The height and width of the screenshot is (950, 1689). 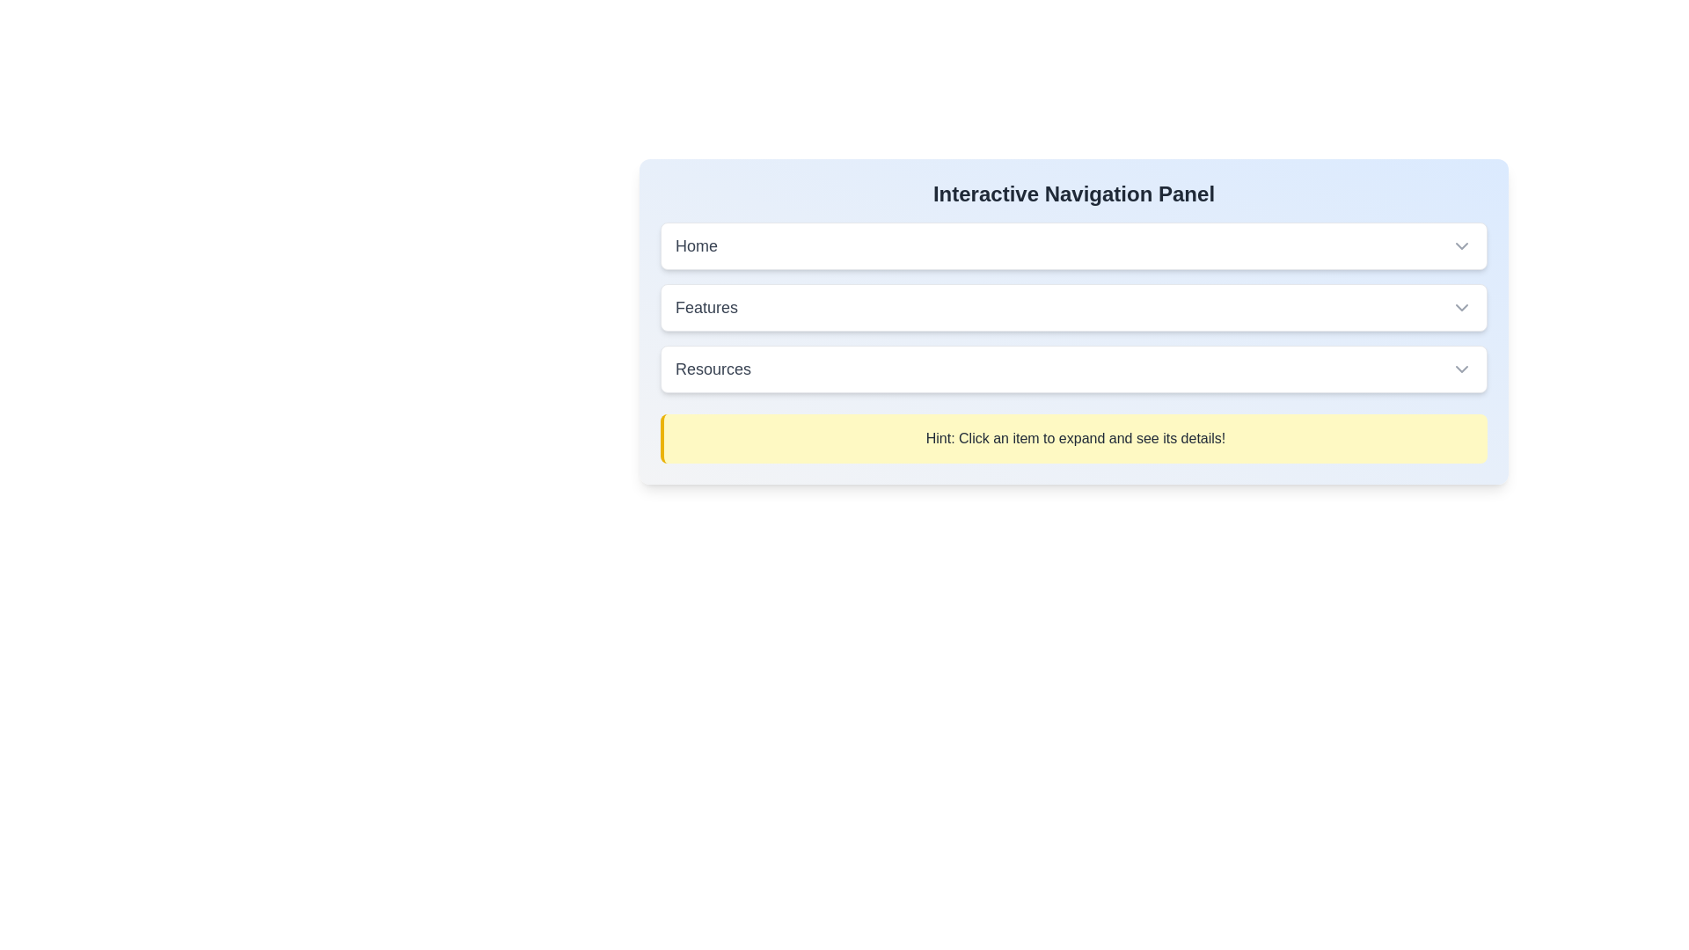 What do you see at coordinates (1461, 369) in the screenshot?
I see `the dropdown toggle icon located on the far right side of the 'Resources' section` at bounding box center [1461, 369].